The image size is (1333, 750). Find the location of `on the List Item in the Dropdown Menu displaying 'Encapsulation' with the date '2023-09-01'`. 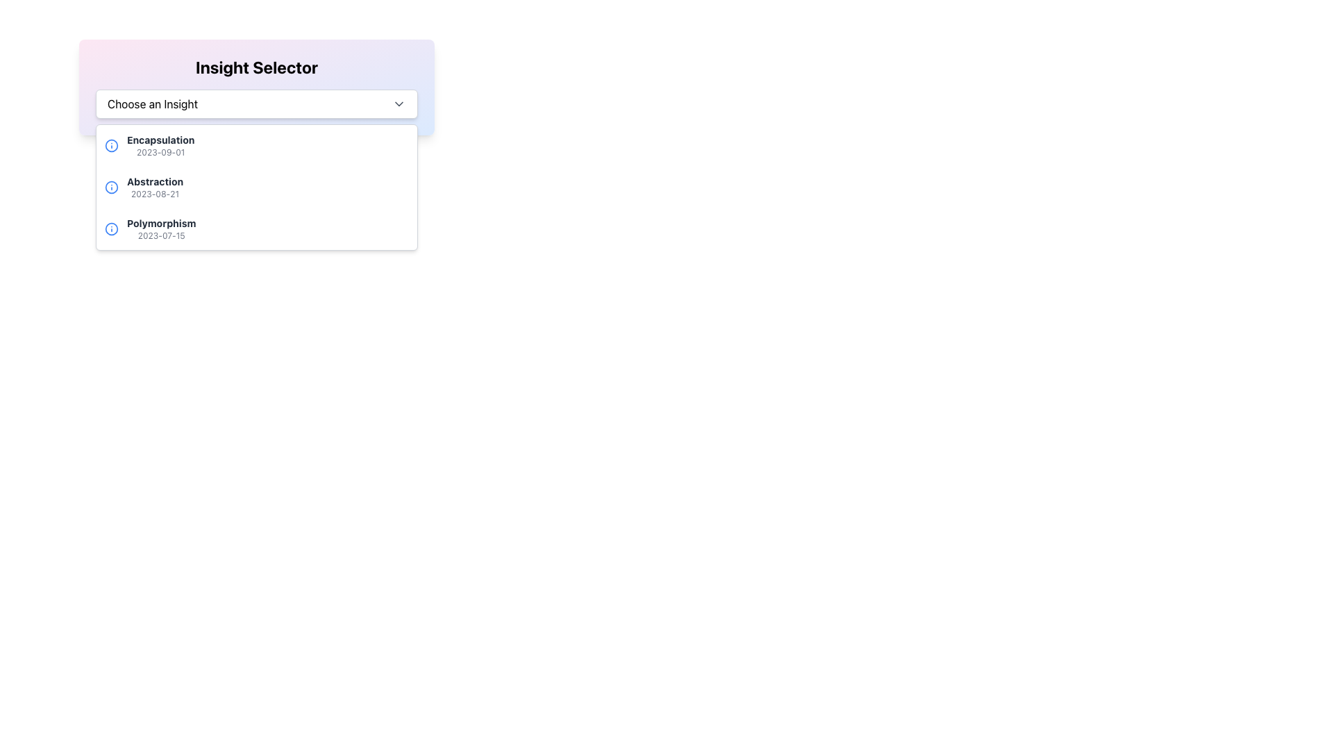

on the List Item in the Dropdown Menu displaying 'Encapsulation' with the date '2023-09-01' is located at coordinates (160, 145).